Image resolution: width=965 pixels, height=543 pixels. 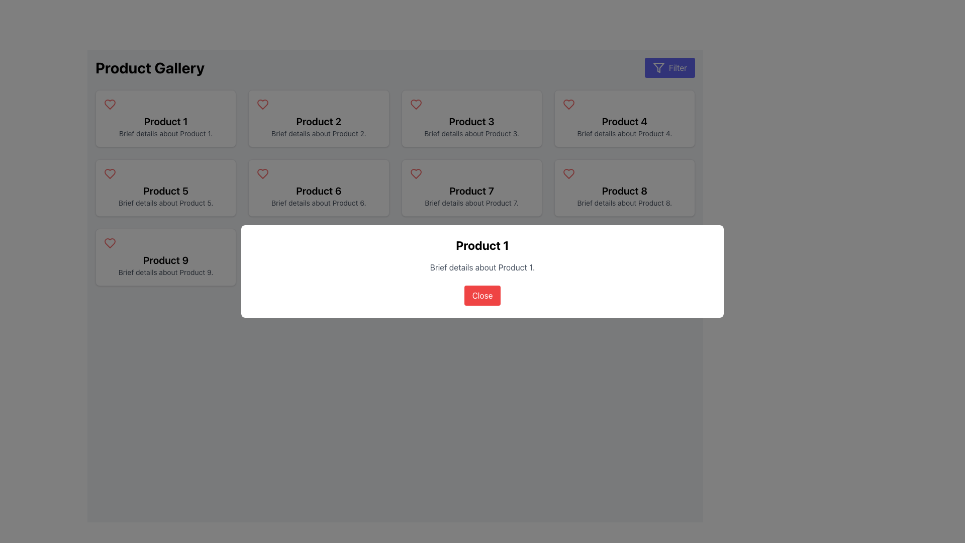 I want to click on the text label displaying 'Product 3', which is styled in bold and larger size, located in the top row, third column of a grid layout, so click(x=471, y=121).